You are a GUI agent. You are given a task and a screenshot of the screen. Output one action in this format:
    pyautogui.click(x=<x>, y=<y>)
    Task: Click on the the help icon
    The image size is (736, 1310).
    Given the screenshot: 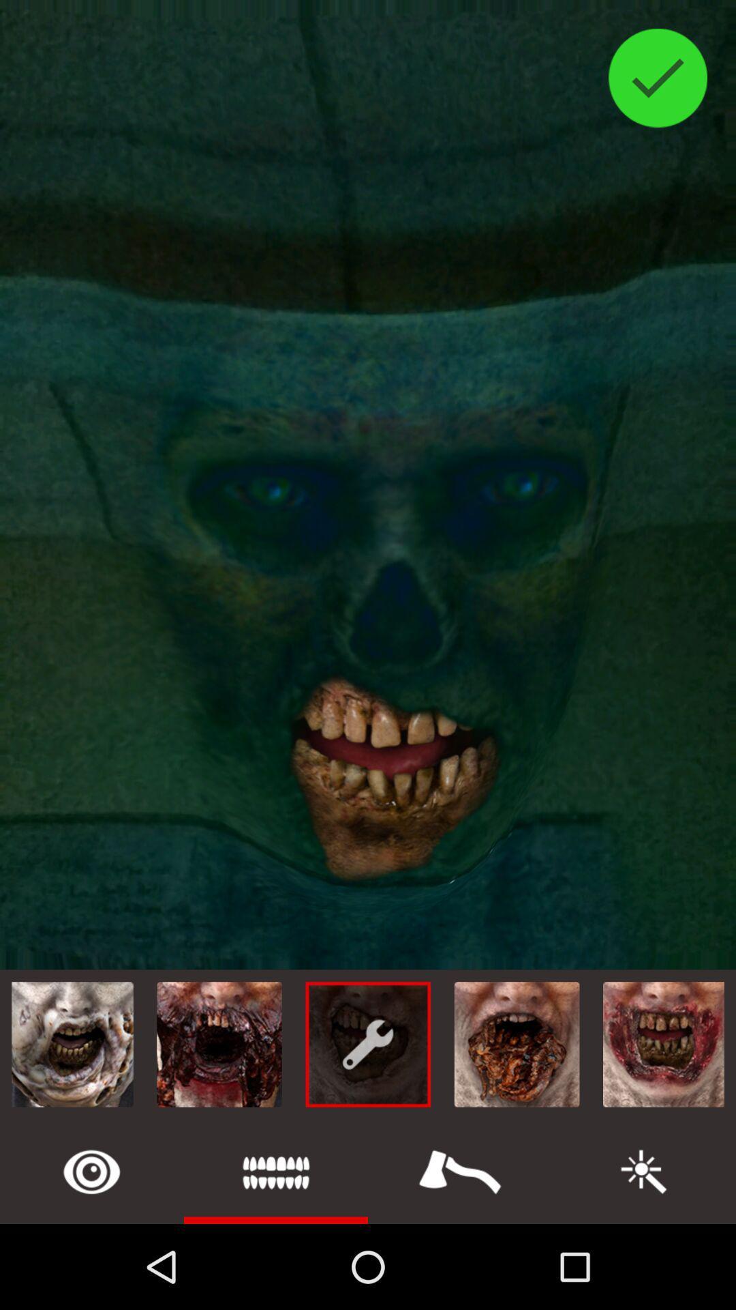 What is the action you would take?
    pyautogui.click(x=92, y=1171)
    